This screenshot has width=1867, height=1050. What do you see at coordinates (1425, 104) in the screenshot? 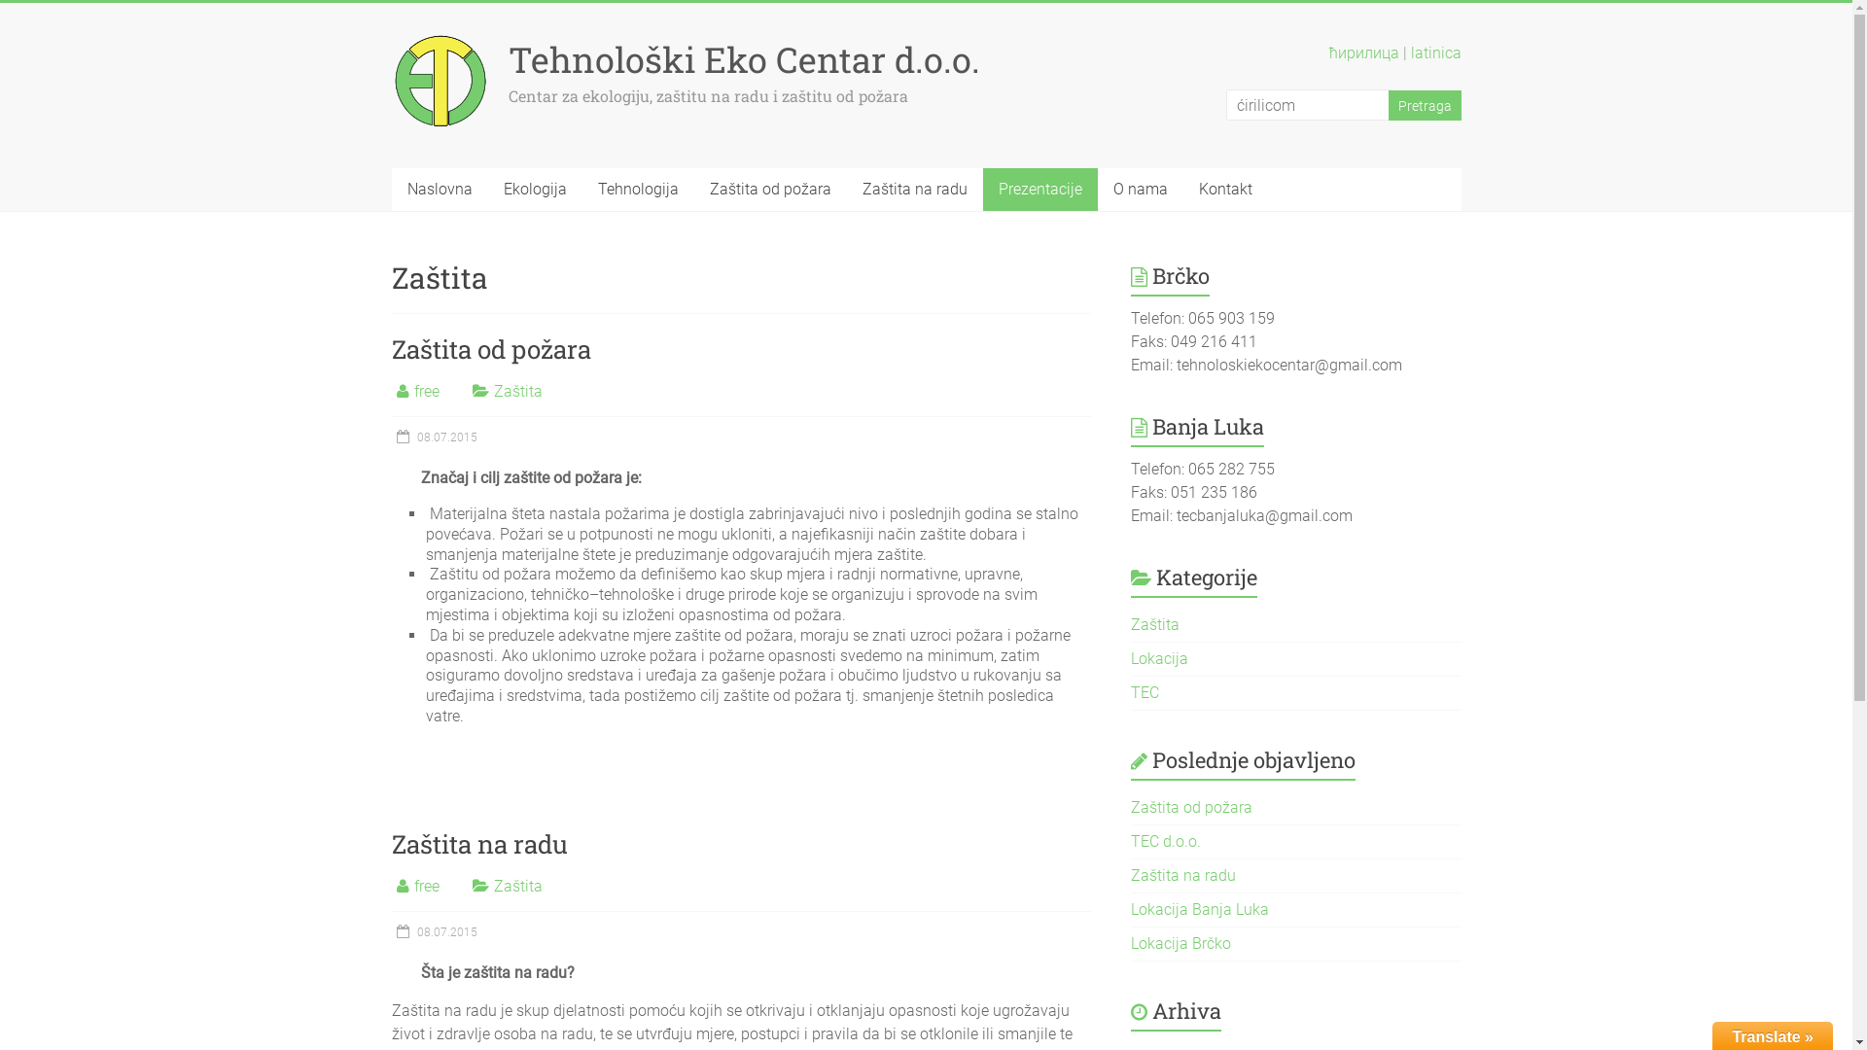
I see `'Pretraga'` at bounding box center [1425, 104].